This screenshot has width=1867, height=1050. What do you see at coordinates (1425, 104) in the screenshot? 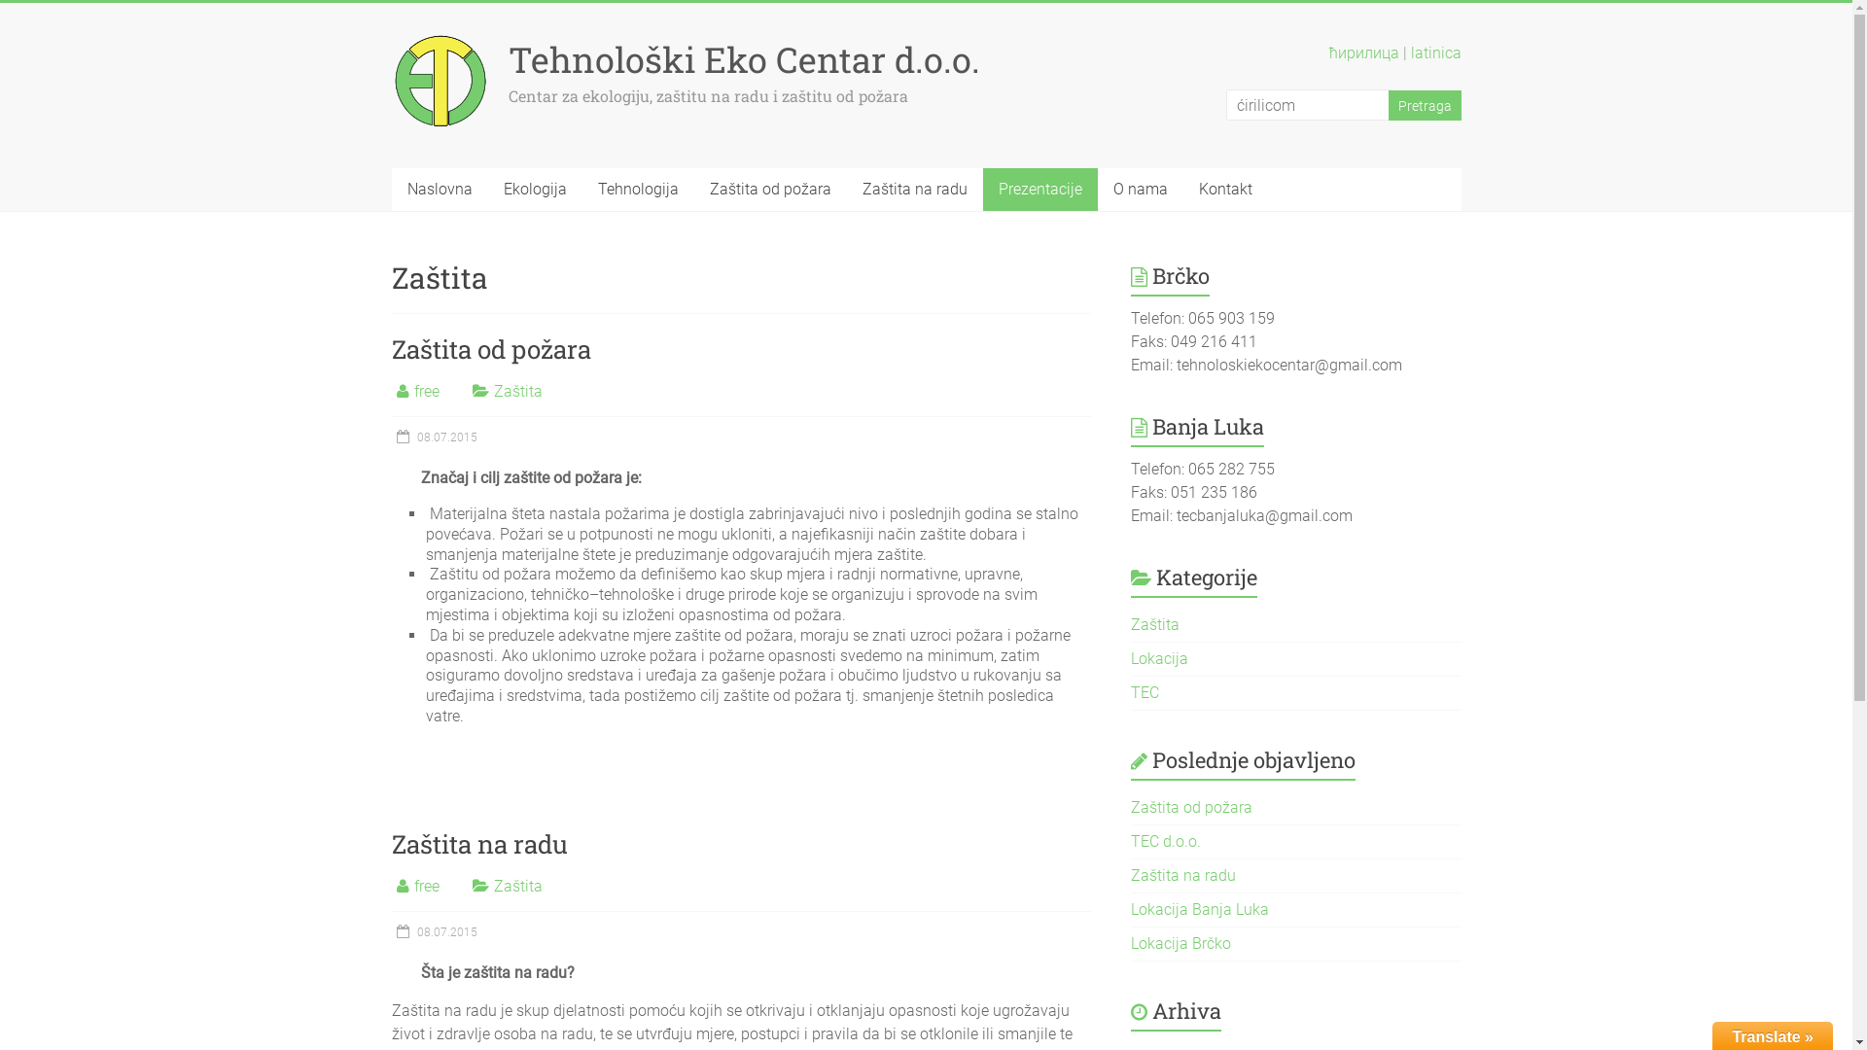
I see `'Pretraga'` at bounding box center [1425, 104].